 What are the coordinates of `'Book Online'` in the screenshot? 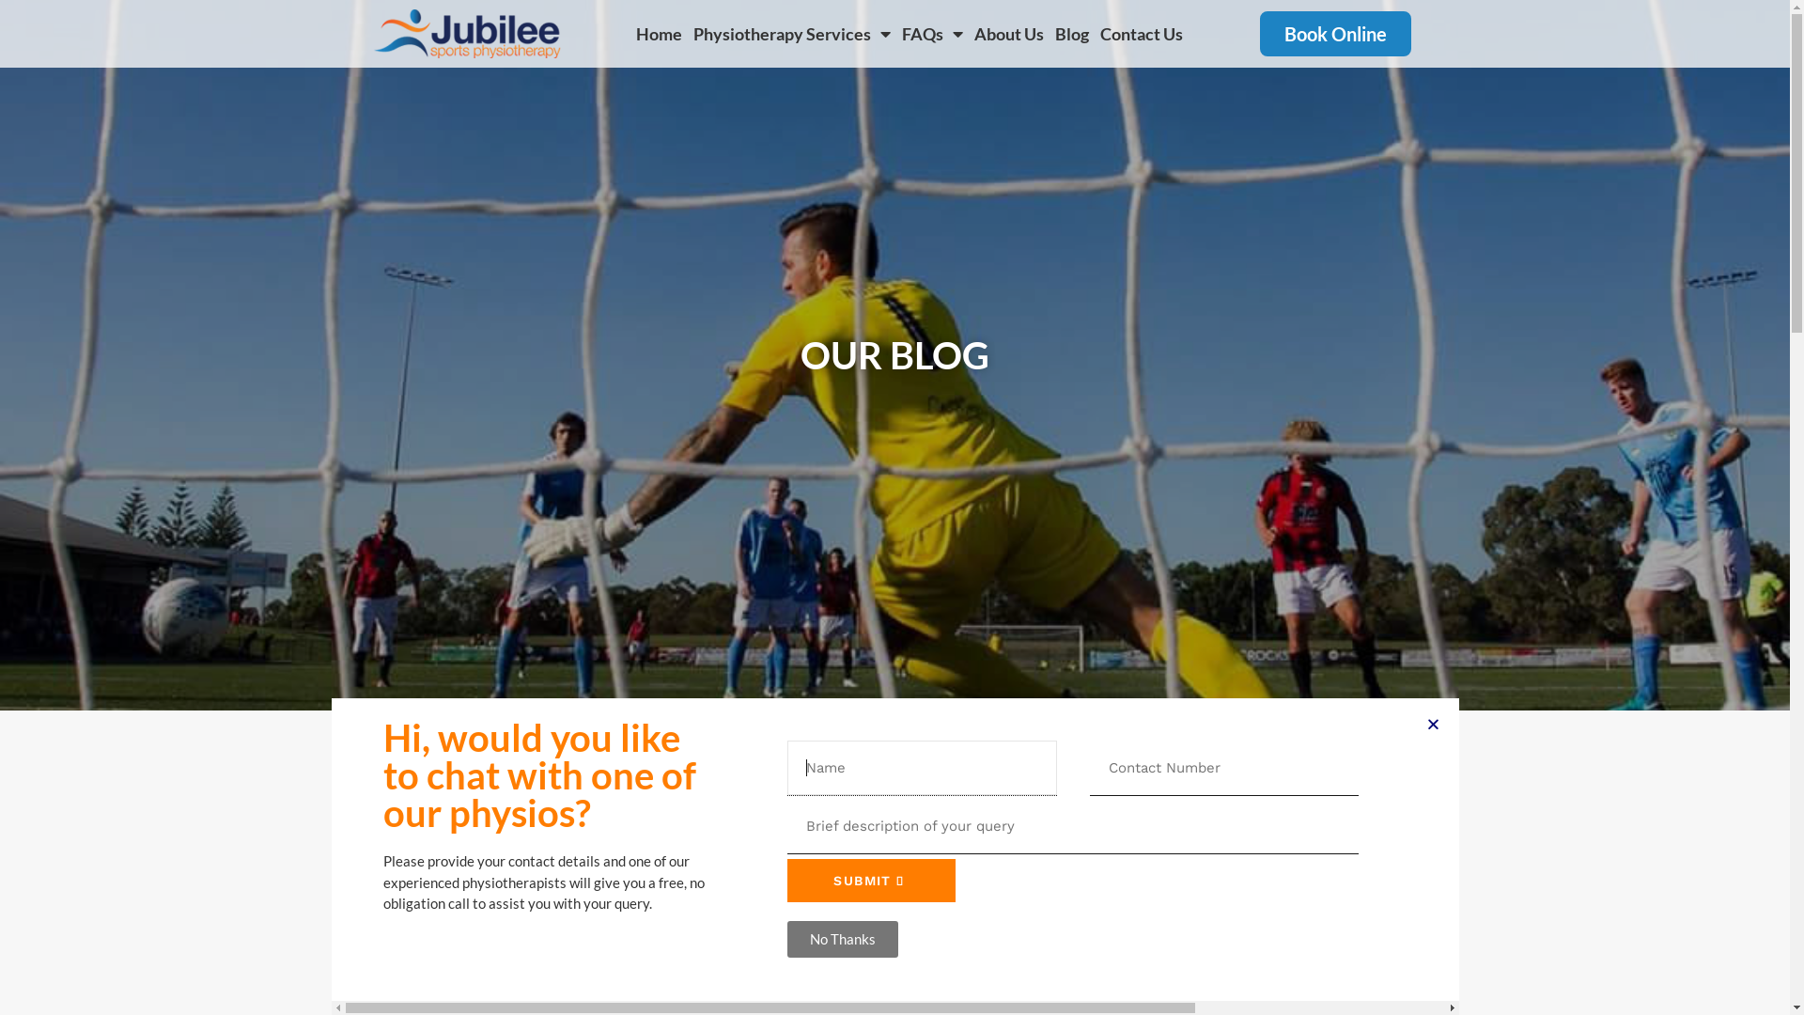 It's located at (1334, 33).